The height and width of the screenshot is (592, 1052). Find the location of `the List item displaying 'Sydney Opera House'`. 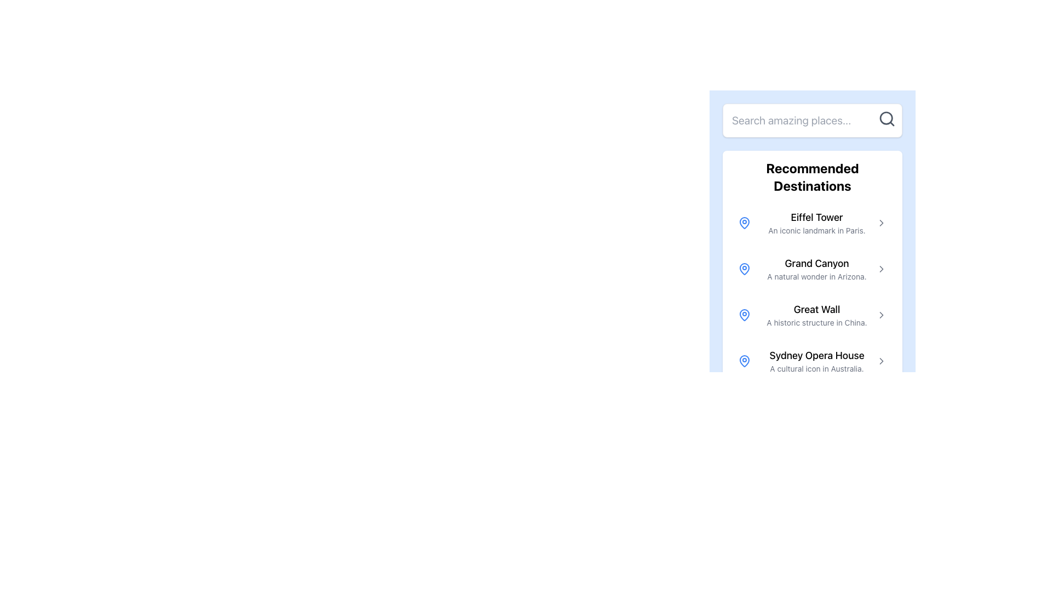

the List item displaying 'Sydney Opera House' is located at coordinates (813, 361).